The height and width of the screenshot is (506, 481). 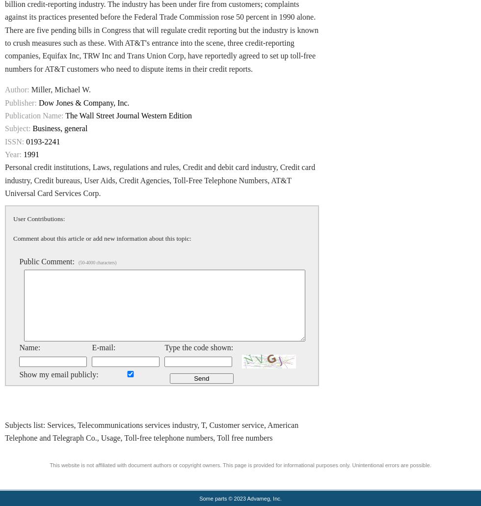 What do you see at coordinates (43, 141) in the screenshot?
I see `'0193-2241'` at bounding box center [43, 141].